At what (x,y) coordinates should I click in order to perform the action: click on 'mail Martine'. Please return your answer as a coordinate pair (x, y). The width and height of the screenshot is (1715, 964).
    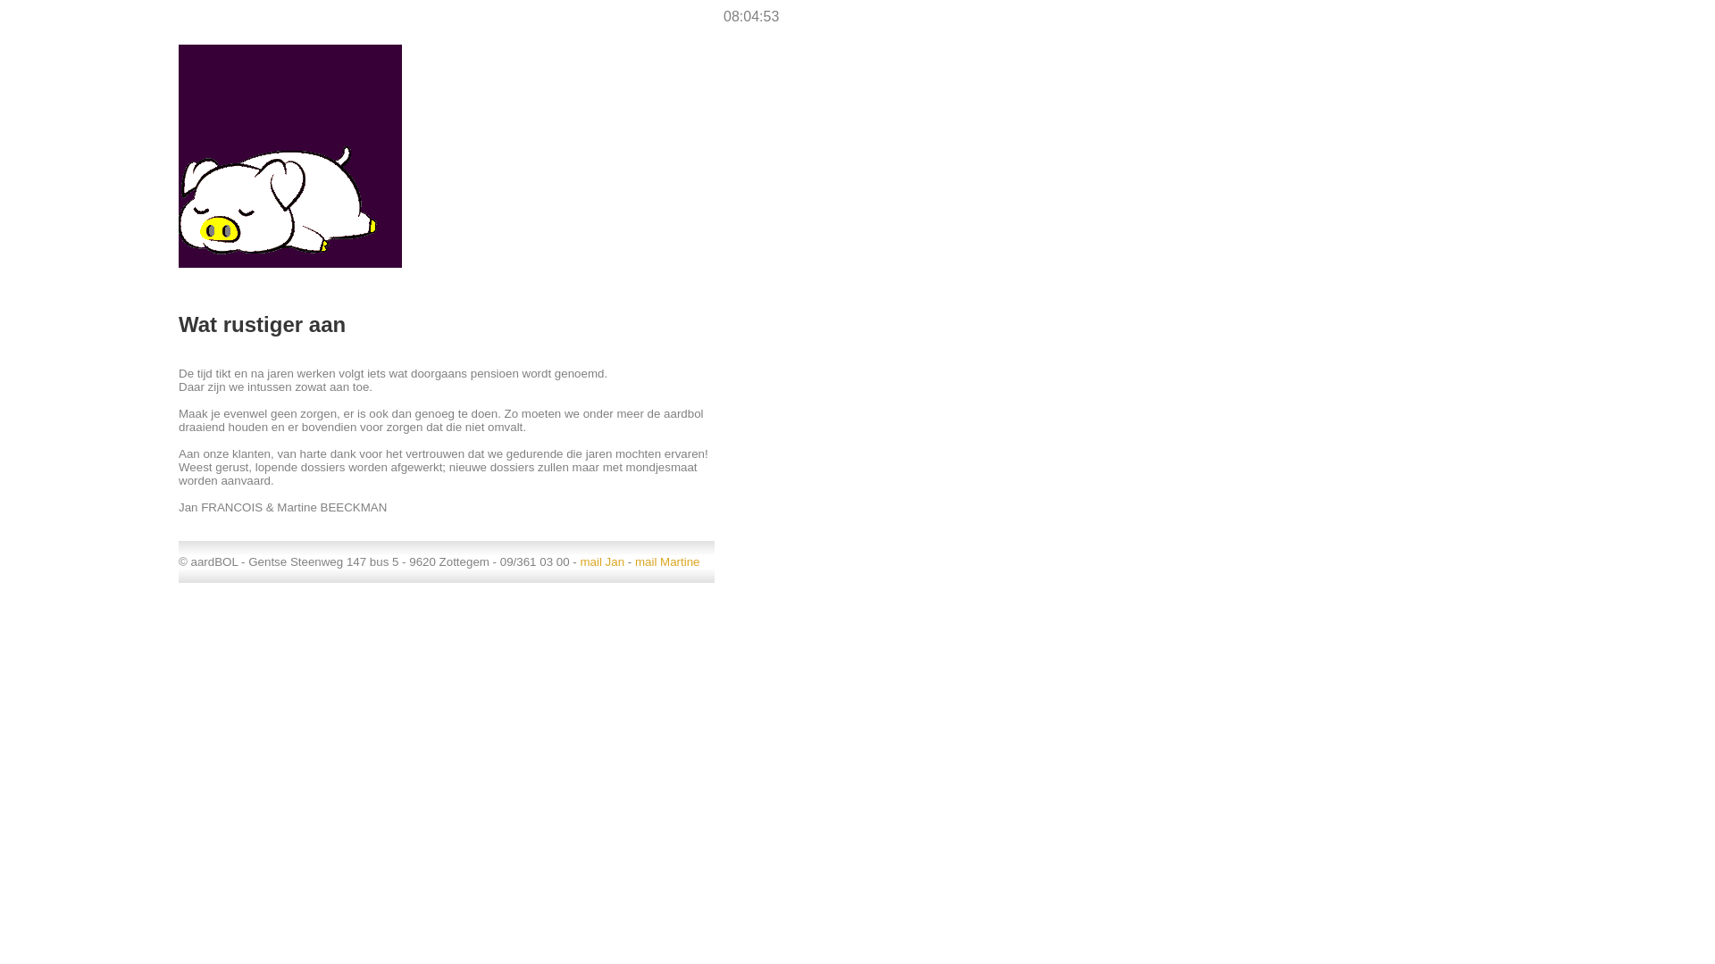
    Looking at the image, I should click on (666, 561).